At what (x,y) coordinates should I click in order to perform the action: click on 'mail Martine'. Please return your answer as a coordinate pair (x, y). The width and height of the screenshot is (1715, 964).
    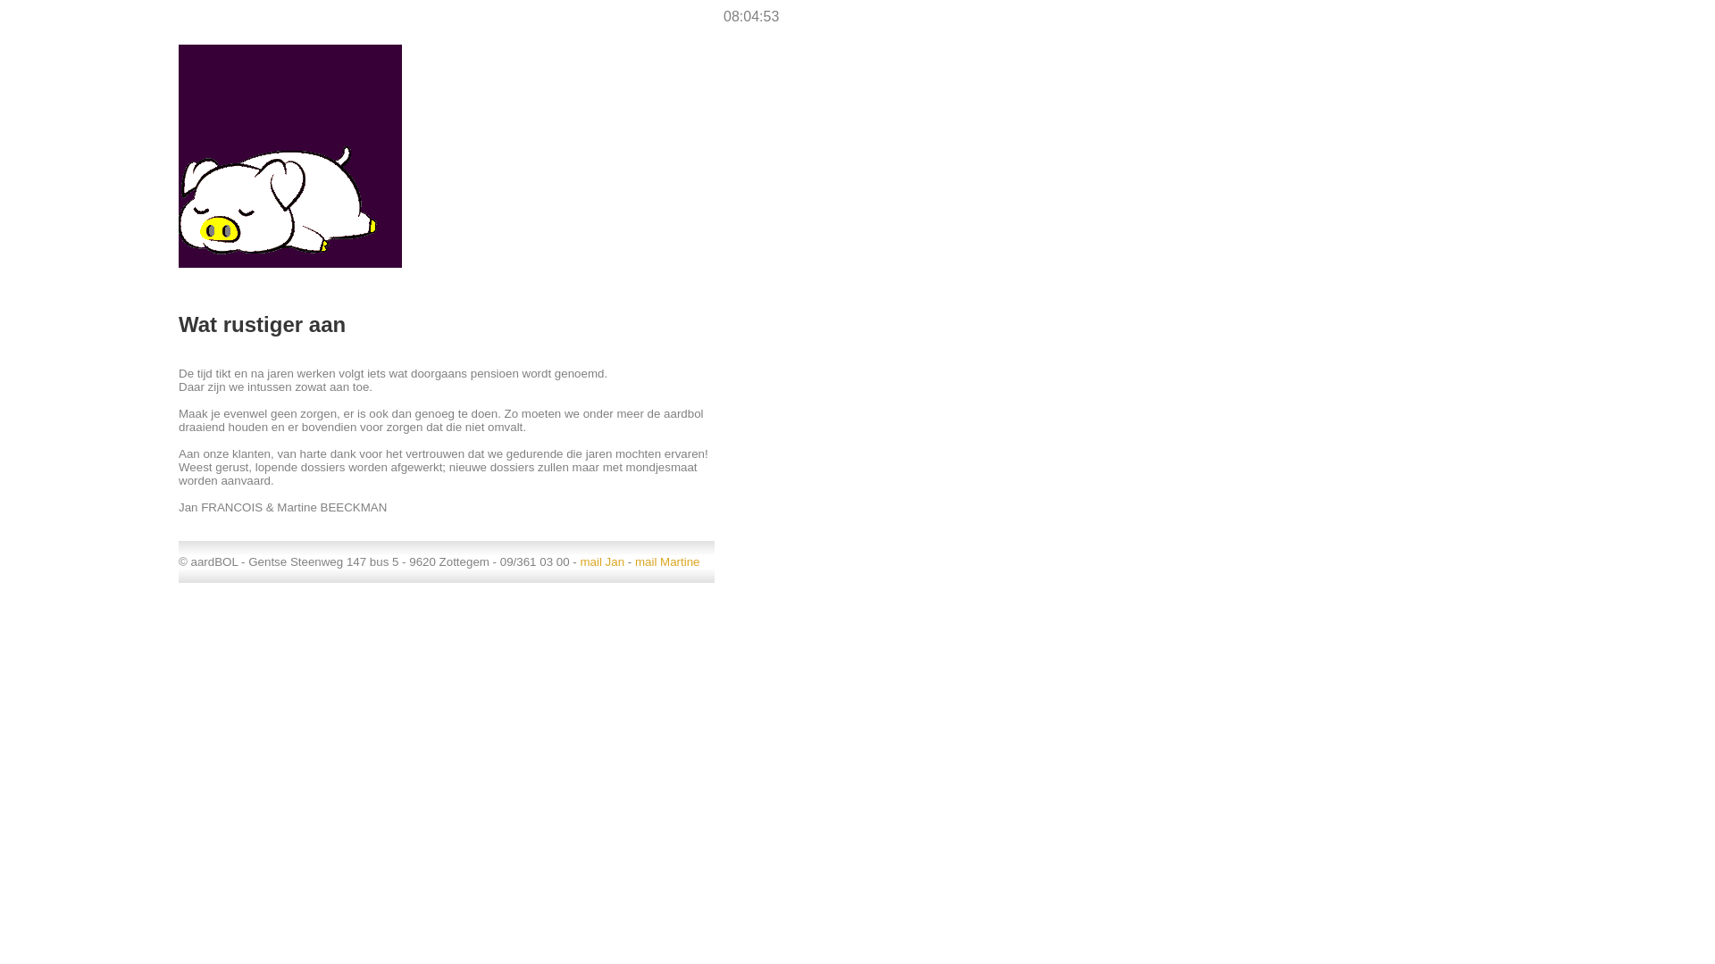
    Looking at the image, I should click on (666, 561).